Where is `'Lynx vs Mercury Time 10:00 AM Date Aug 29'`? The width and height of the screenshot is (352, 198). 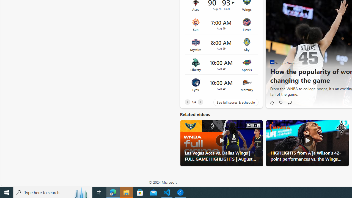
'Lynx vs Mercury Time 10:00 AM Date Aug 29' is located at coordinates (221, 84).